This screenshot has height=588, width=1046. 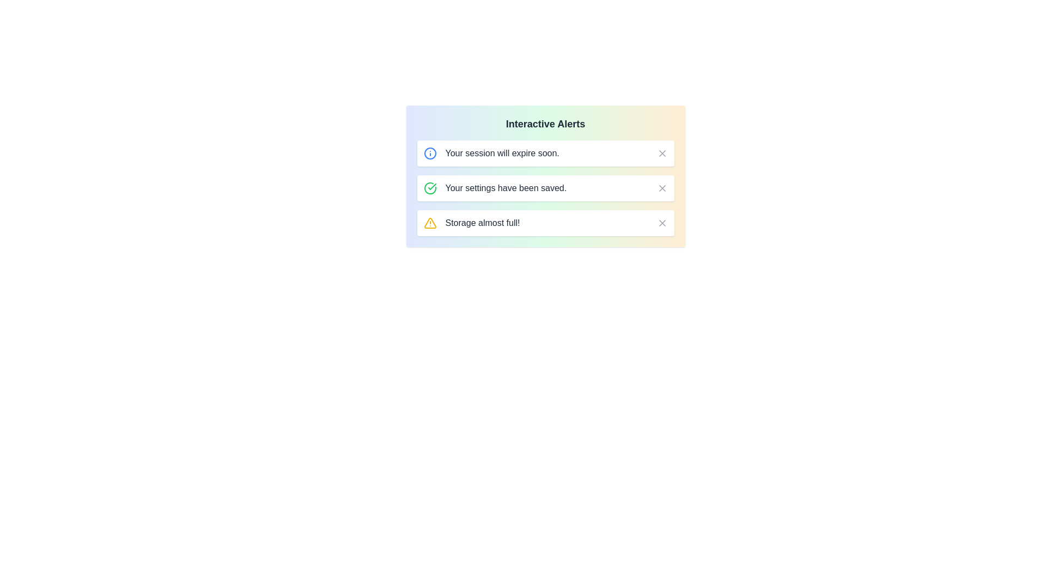 What do you see at coordinates (661, 188) in the screenshot?
I see `the dismiss button, an 'X' icon, located at the far right of the notification message 'Your settings have been saved.'` at bounding box center [661, 188].